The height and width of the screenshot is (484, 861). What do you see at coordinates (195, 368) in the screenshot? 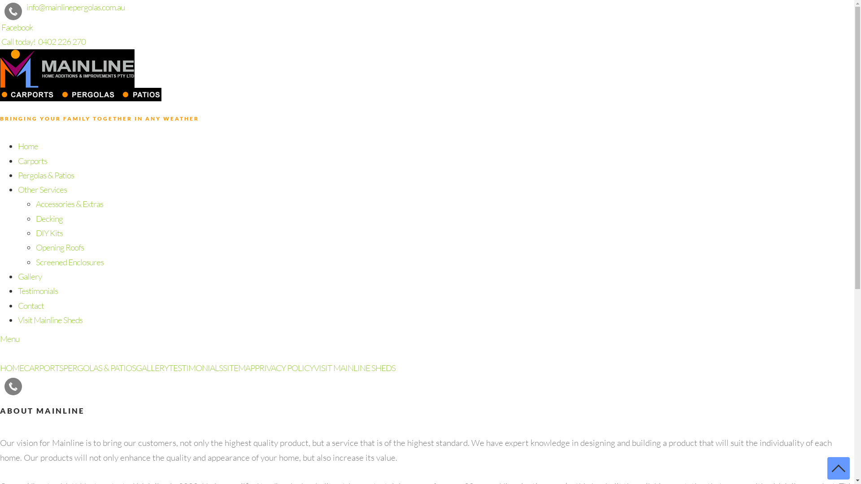
I see `'TESTIMONIALS'` at bounding box center [195, 368].